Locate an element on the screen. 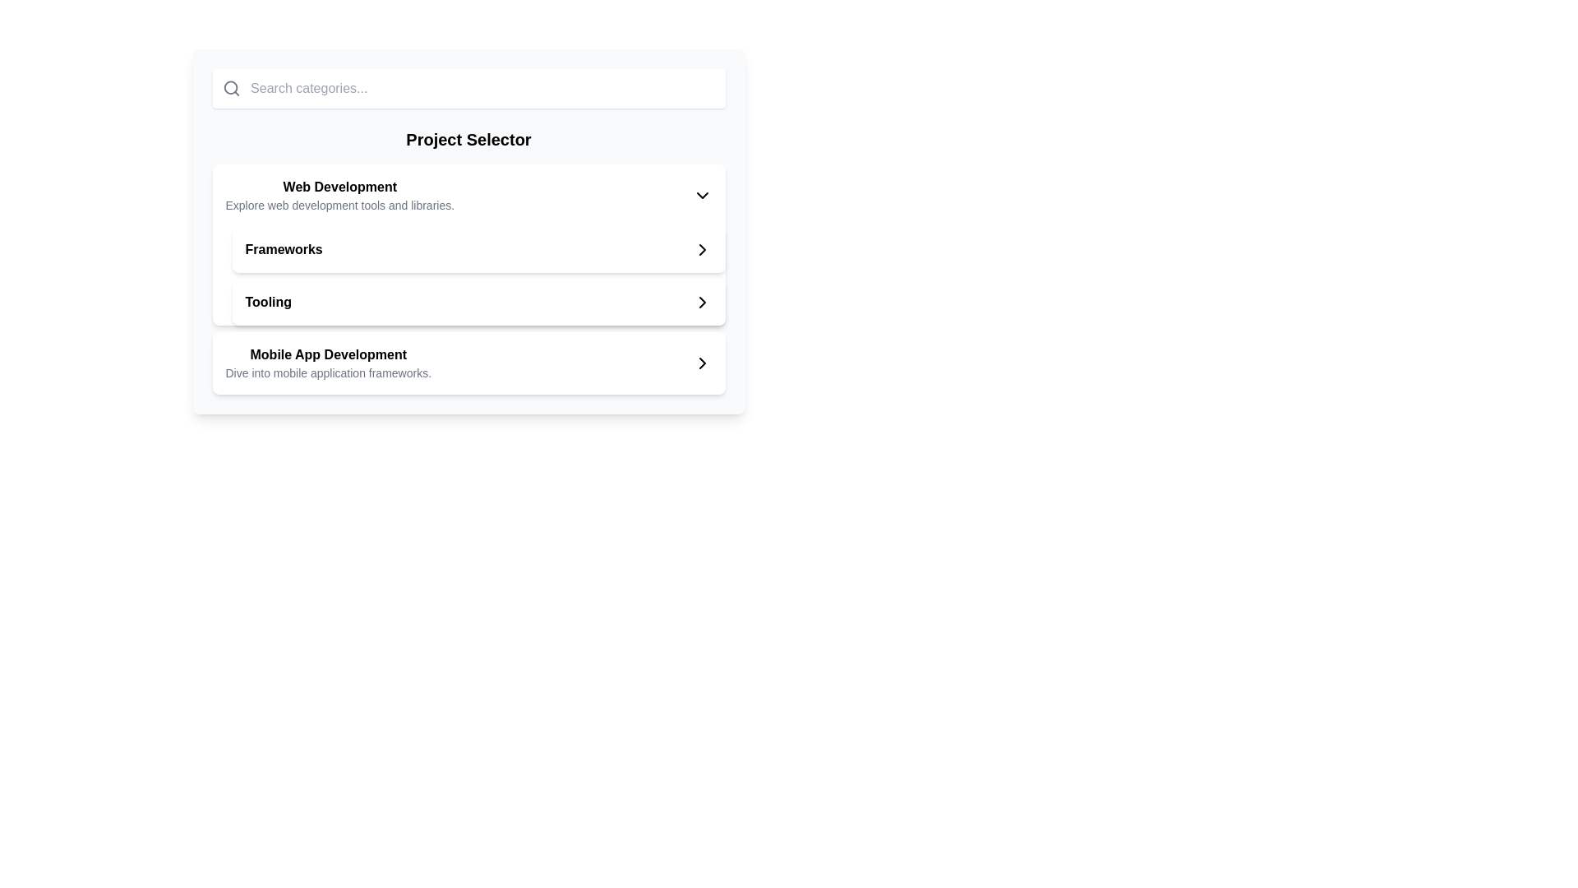 Image resolution: width=1578 pixels, height=888 pixels. the chevron icon located at the right end of the 'Tooling' menu item in the 'Project Selector' menu to expand or access more details is located at coordinates (702, 302).